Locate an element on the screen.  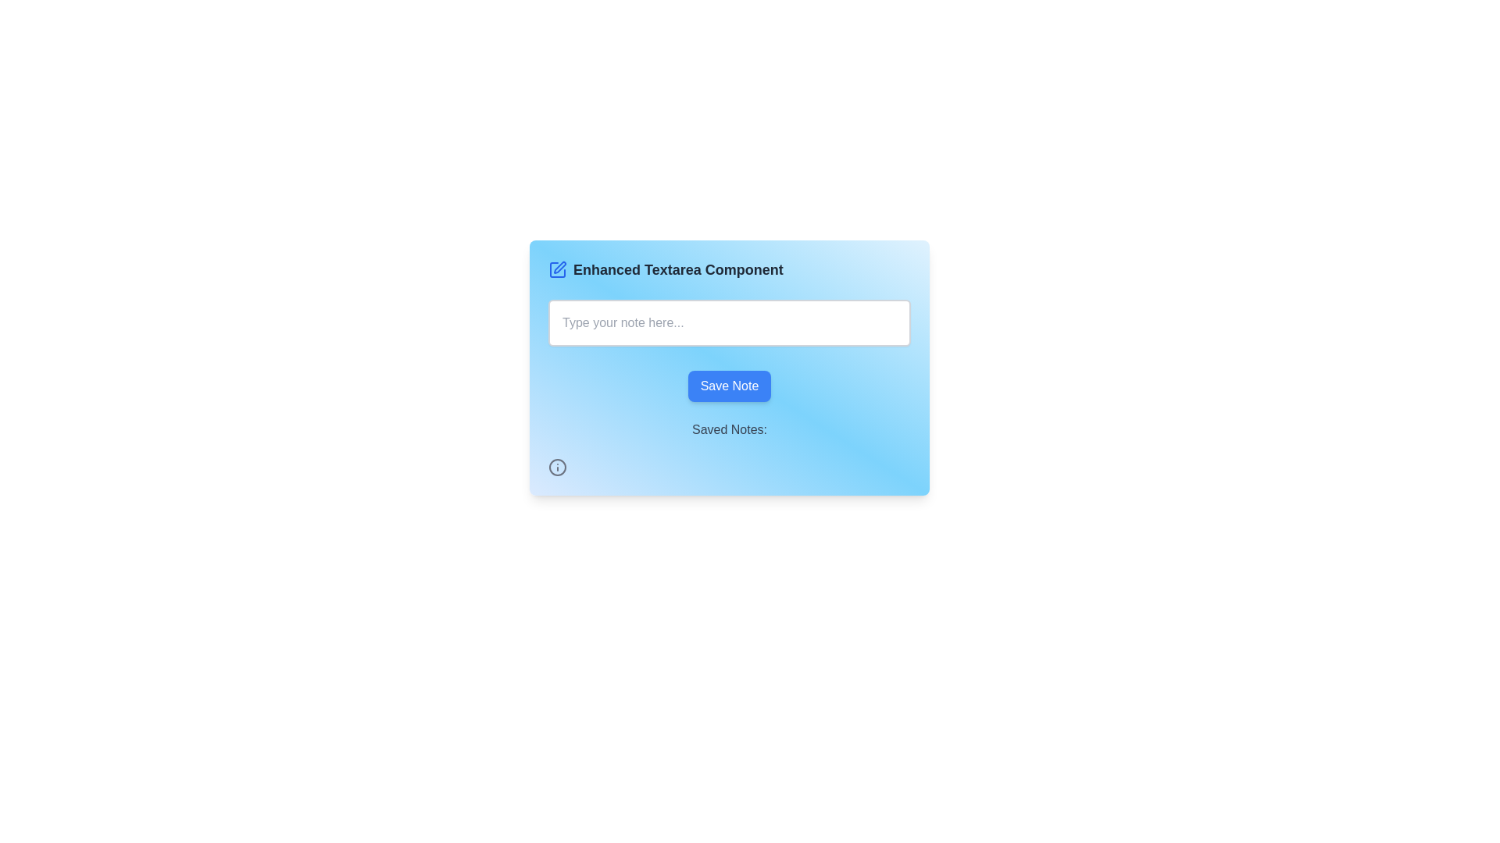
the Label with icon that reads 'Enhanced Textarea Component', which is located at the top center of the card above the textarea input box, featuring a small blue pen icon on its left is located at coordinates (729, 269).